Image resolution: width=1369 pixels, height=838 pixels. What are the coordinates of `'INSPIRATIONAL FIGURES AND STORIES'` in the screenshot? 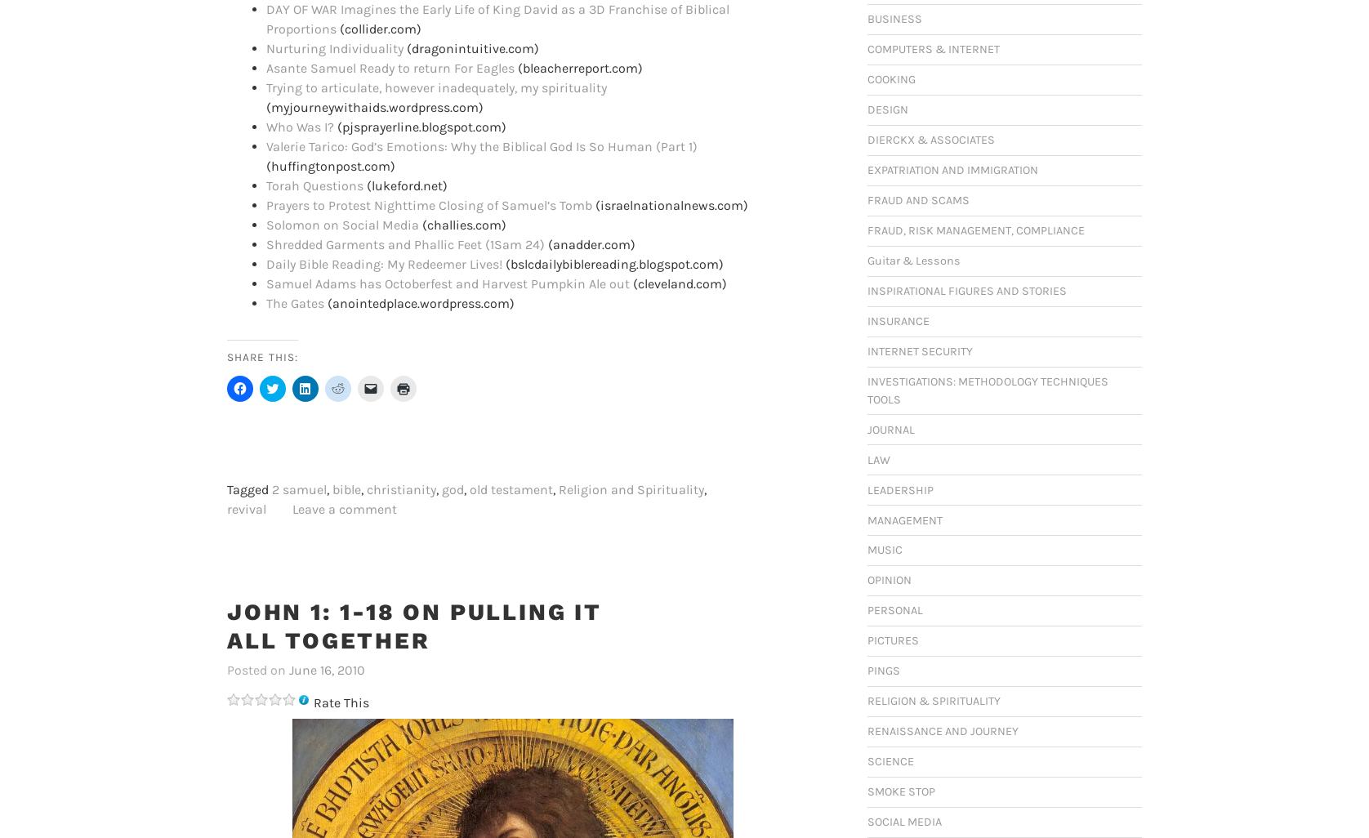 It's located at (965, 291).